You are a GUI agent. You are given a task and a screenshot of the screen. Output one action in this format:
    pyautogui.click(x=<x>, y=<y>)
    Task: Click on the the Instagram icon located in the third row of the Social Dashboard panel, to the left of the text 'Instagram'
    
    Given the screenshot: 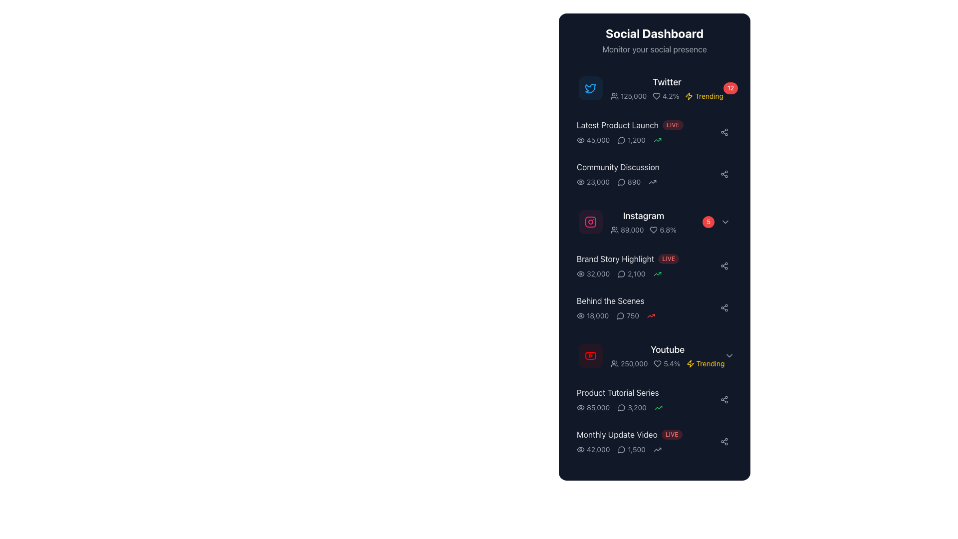 What is the action you would take?
    pyautogui.click(x=591, y=221)
    